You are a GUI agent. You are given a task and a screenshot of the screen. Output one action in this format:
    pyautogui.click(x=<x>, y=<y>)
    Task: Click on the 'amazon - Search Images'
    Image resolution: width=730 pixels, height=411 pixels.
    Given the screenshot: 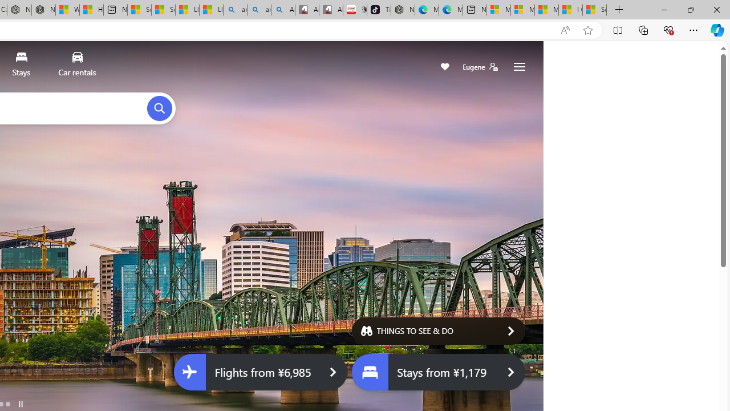 What is the action you would take?
    pyautogui.click(x=258, y=10)
    